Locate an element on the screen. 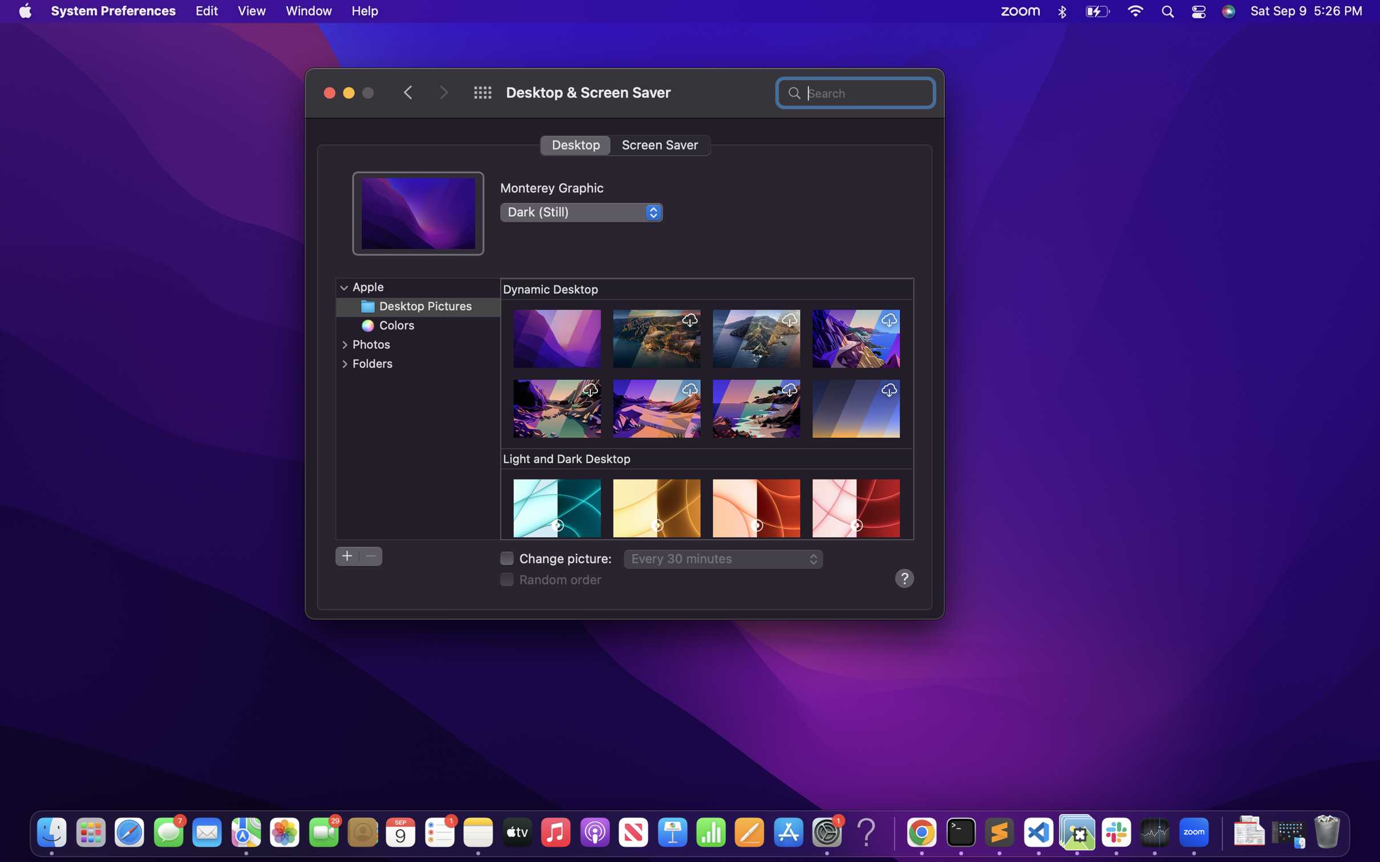 The width and height of the screenshot is (1380, 862). a color-themed desktop wallpaper is located at coordinates (420, 326).